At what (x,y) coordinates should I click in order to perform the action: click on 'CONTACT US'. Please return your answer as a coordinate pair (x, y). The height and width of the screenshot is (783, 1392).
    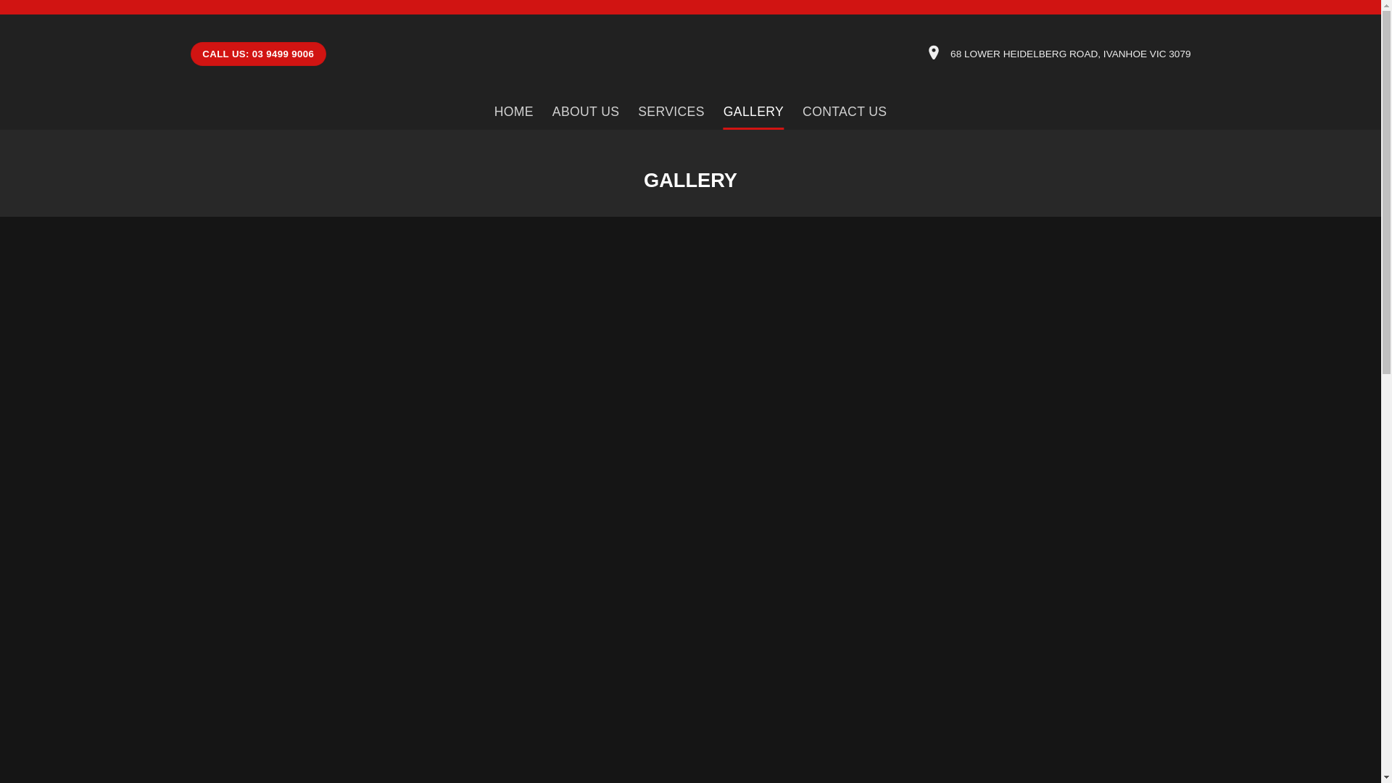
    Looking at the image, I should click on (845, 111).